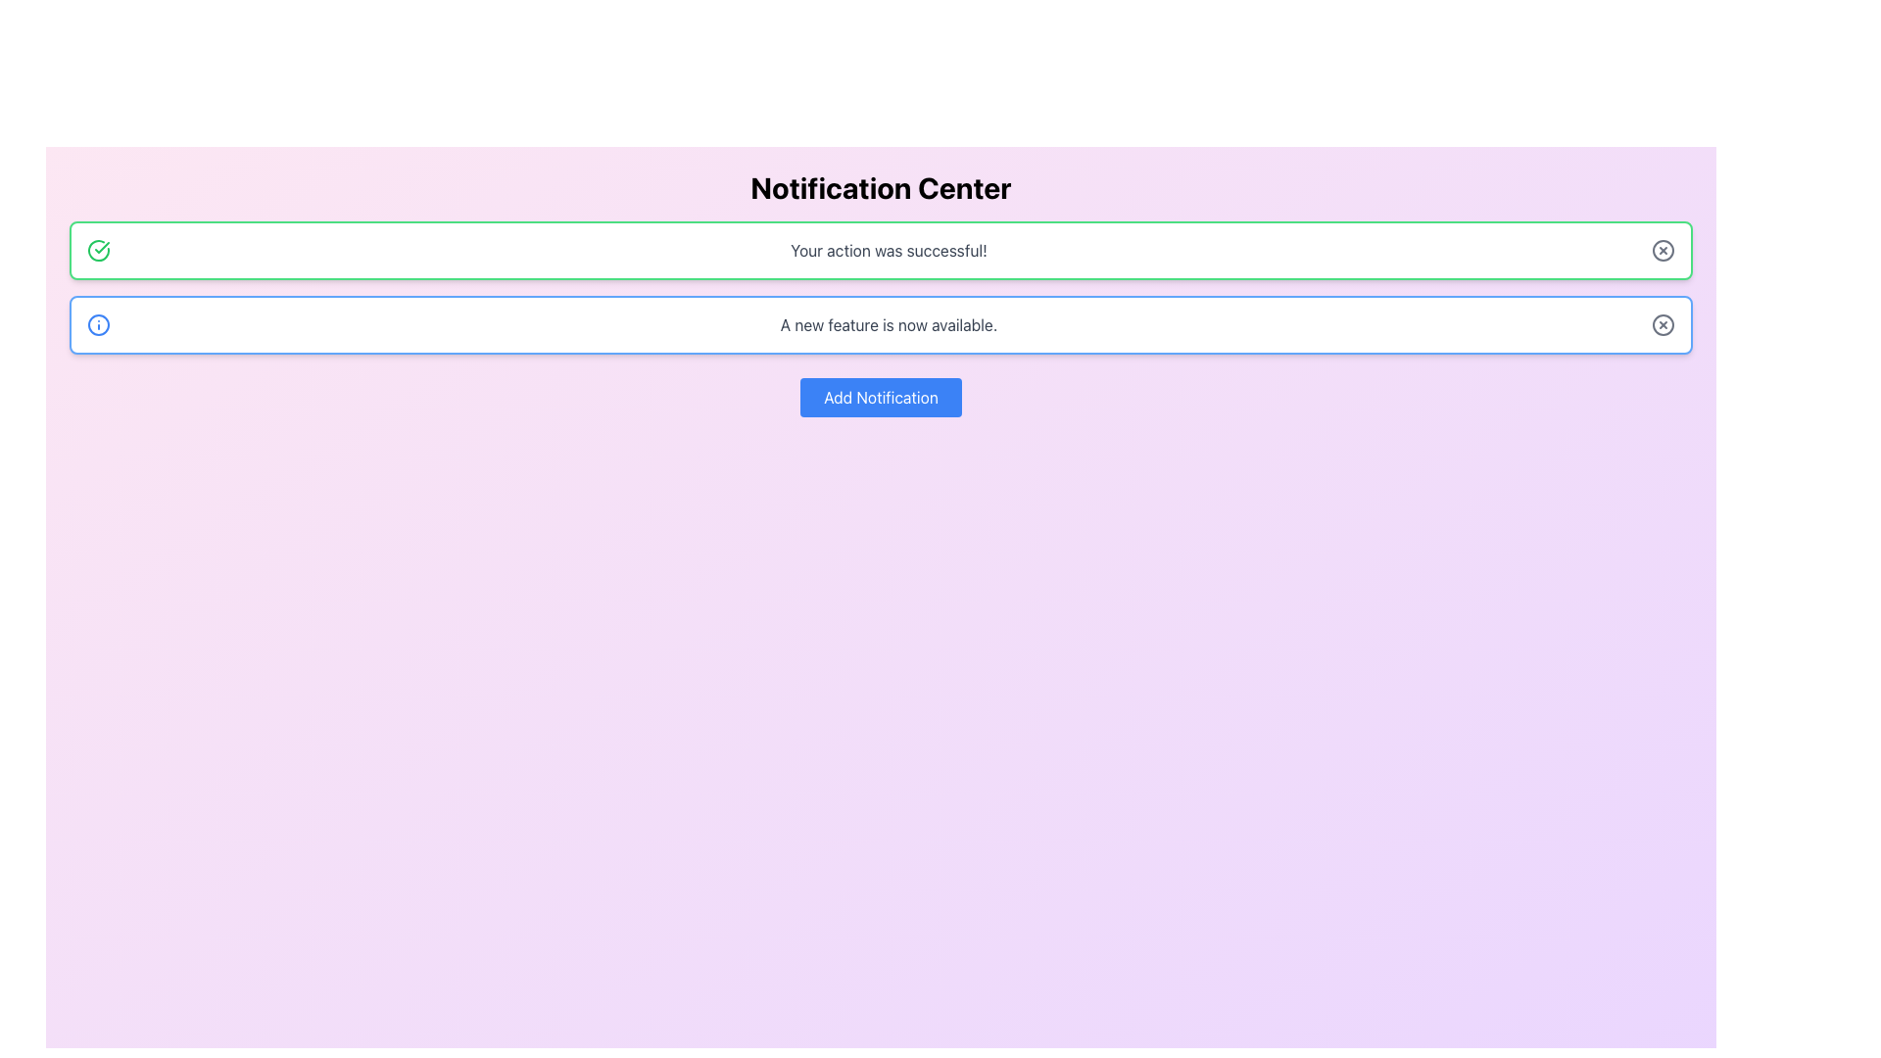 The image size is (1881, 1058). Describe the element at coordinates (888, 249) in the screenshot. I see `the main notification message text label that provides feedback about the success of the user's recent action, located in the upper section of the interface beneath the 'Notification Center' heading` at that location.